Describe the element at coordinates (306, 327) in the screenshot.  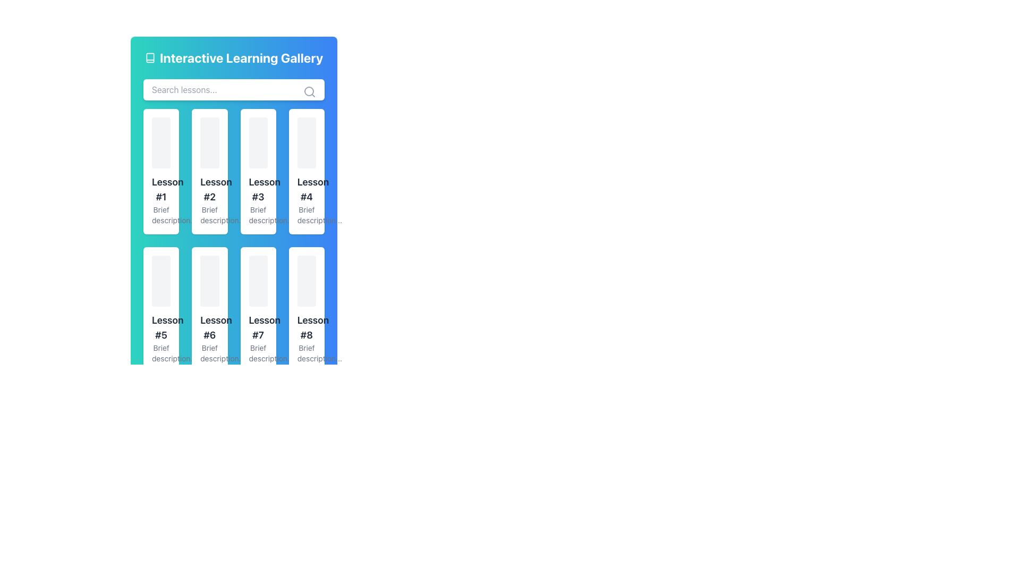
I see `the 'Lesson #8' text label, which is styled with a larger bold font and dark gray color` at that location.